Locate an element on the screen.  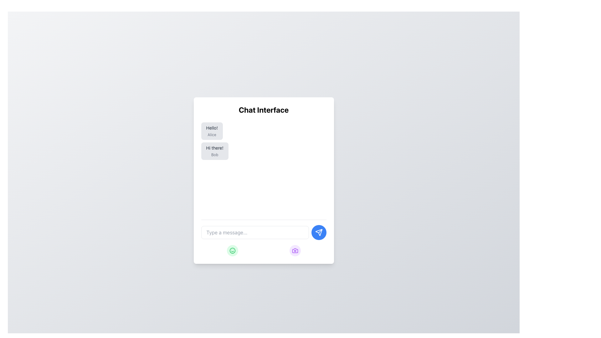
the send icon located inside the circular blue button at the bottom-right corner of the chat interface is located at coordinates (319, 233).